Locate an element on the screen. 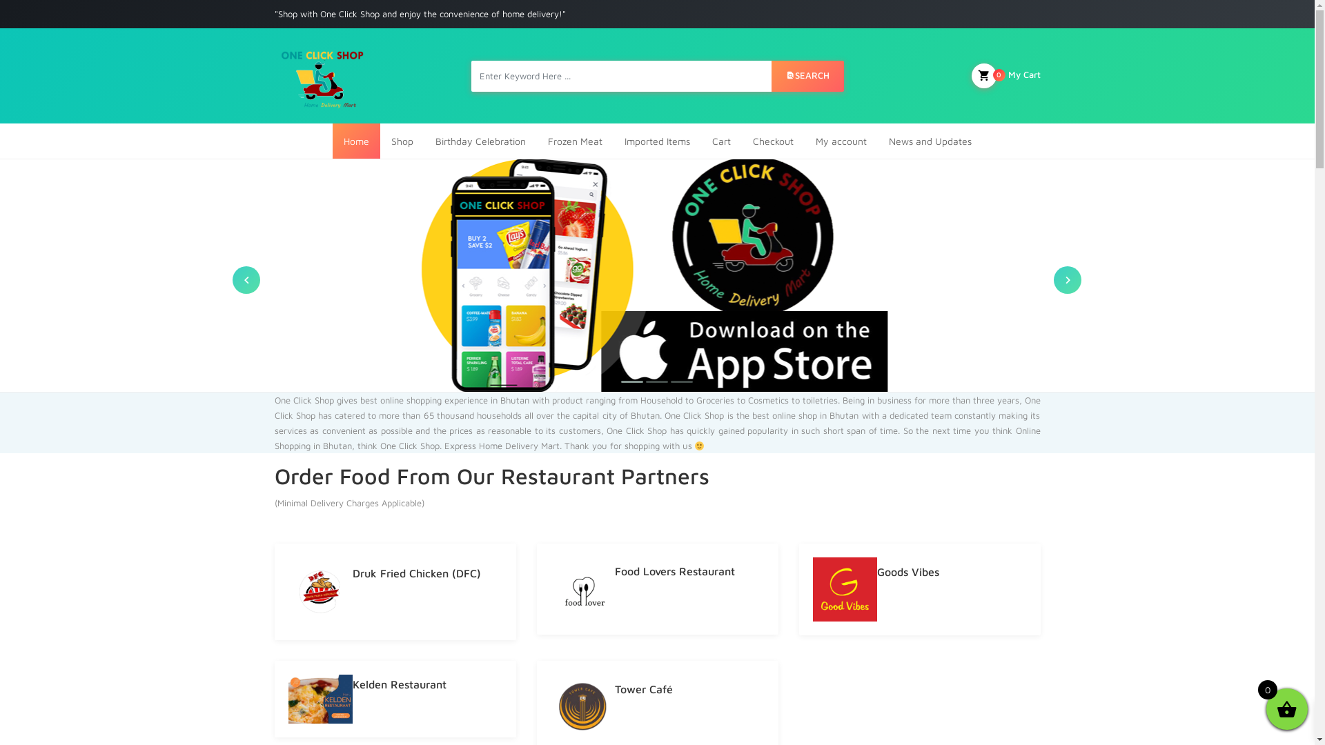 The image size is (1325, 745). 'Goods Vibes' is located at coordinates (907, 574).